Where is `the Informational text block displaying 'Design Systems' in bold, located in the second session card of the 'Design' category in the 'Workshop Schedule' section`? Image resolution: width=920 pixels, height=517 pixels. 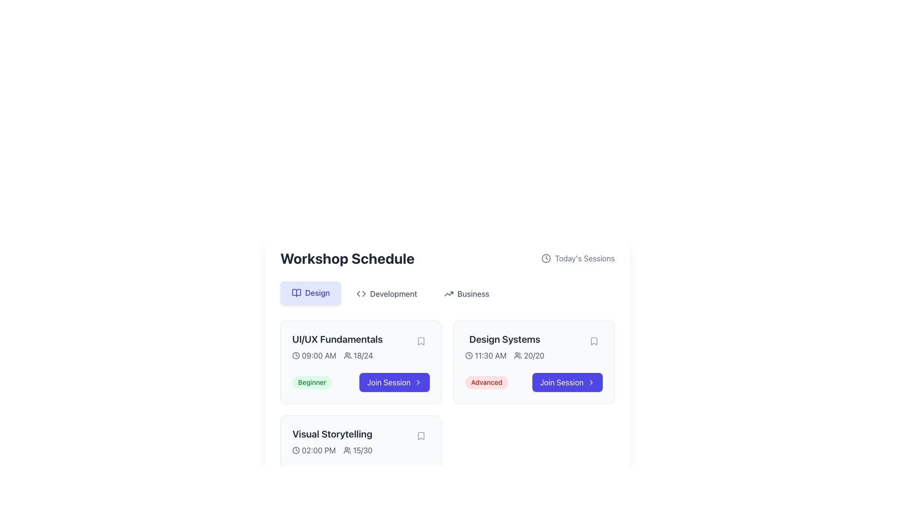
the Informational text block displaying 'Design Systems' in bold, located in the second session card of the 'Design' category in the 'Workshop Schedule' section is located at coordinates (533, 347).